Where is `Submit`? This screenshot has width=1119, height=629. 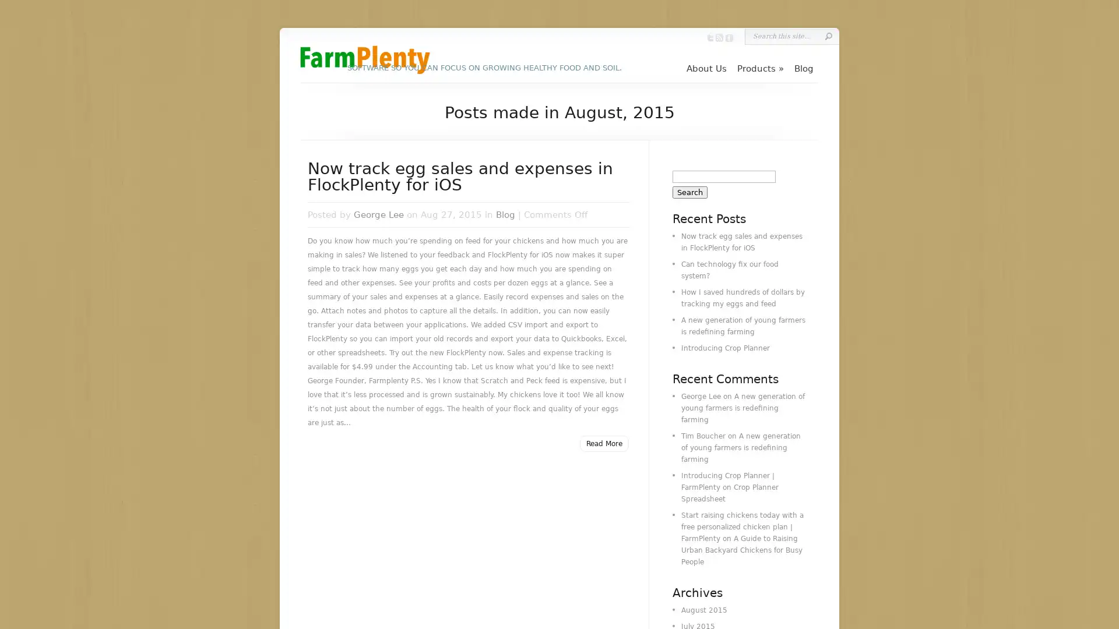
Submit is located at coordinates (828, 36).